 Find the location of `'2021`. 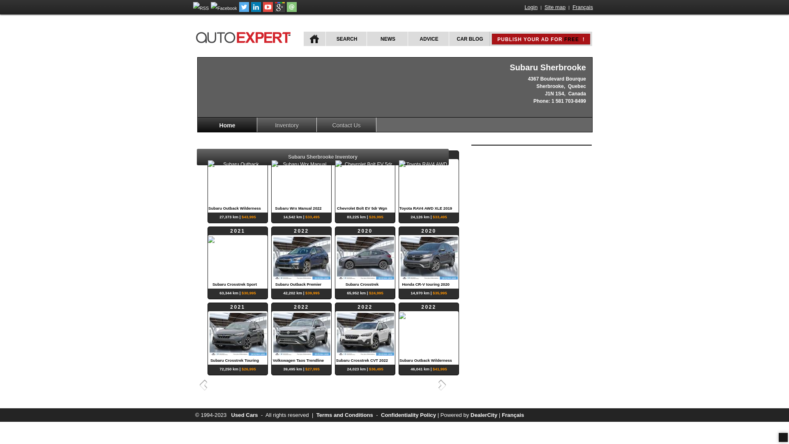

'2021 is located at coordinates (237, 257).